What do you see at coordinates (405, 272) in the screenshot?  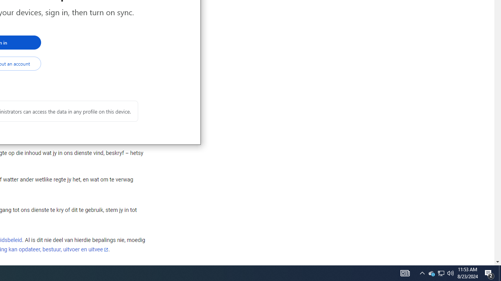 I see `'AutomationID: 4105'` at bounding box center [405, 272].